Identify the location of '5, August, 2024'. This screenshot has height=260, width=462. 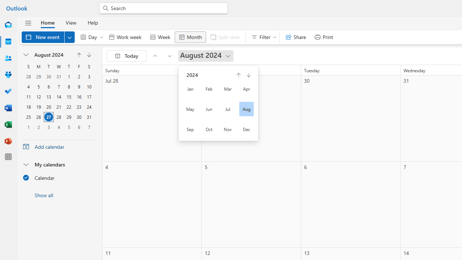
(38, 86).